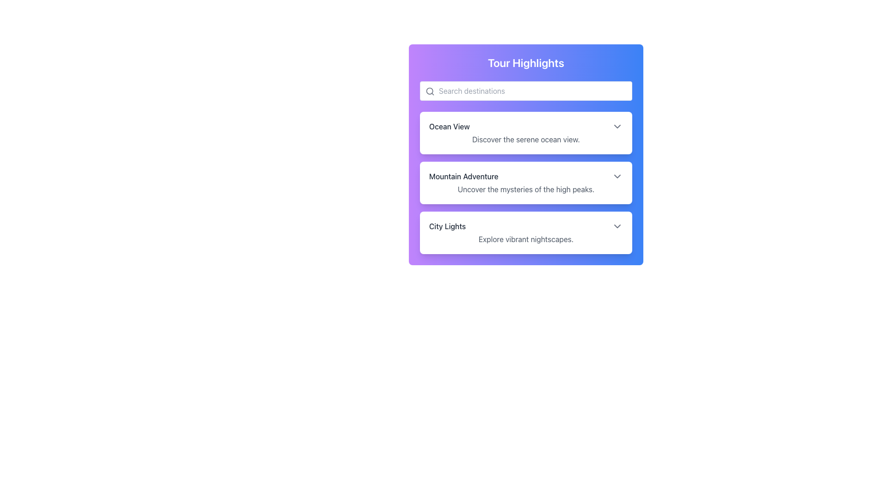  I want to click on the search bar for entering destination queries located in the 'Tour Highlights' section, so click(526, 91).